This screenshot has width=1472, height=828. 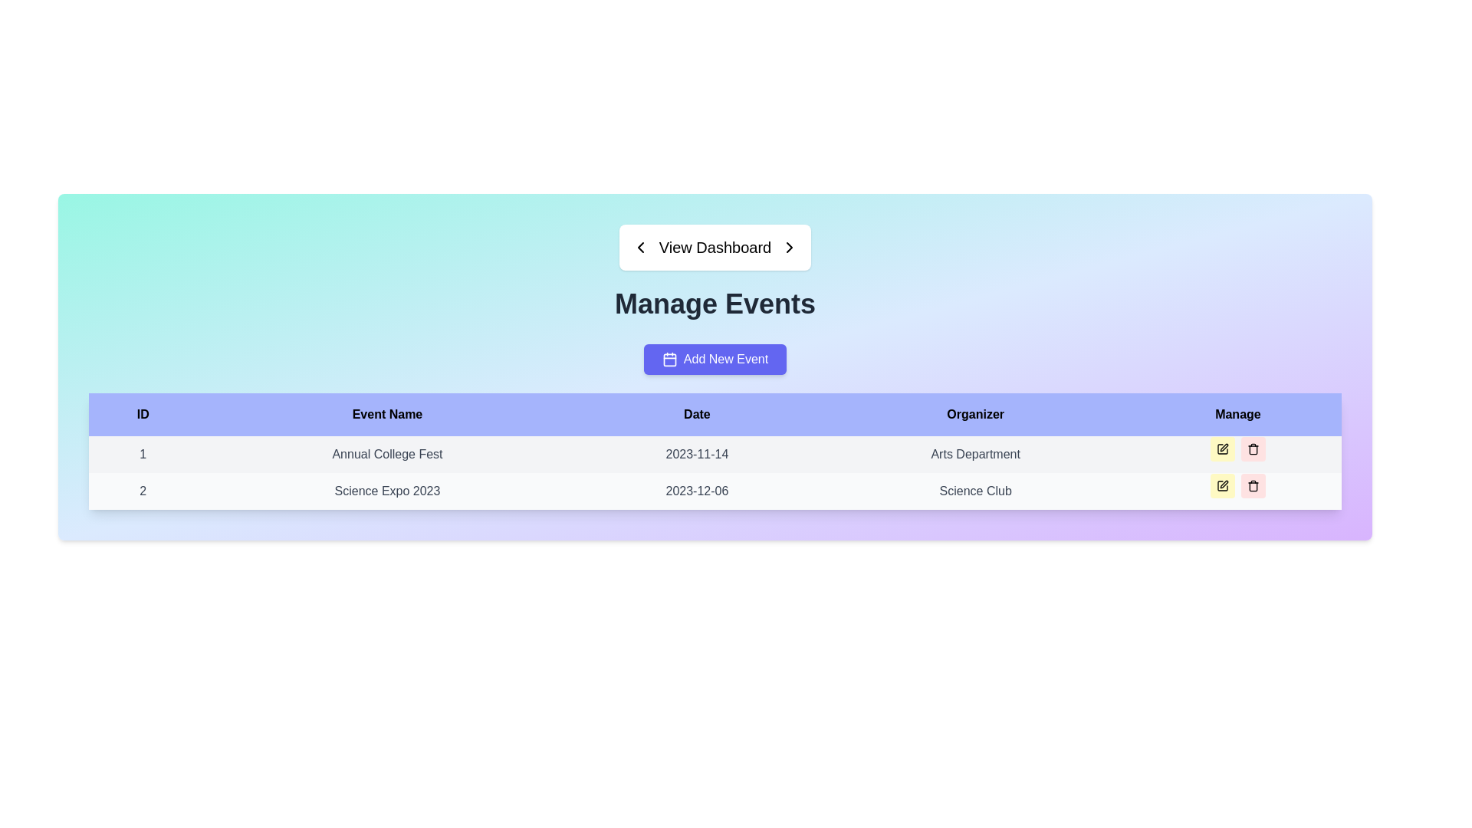 I want to click on the trash can icon located in the Manage column of the second row, so click(x=1252, y=485).